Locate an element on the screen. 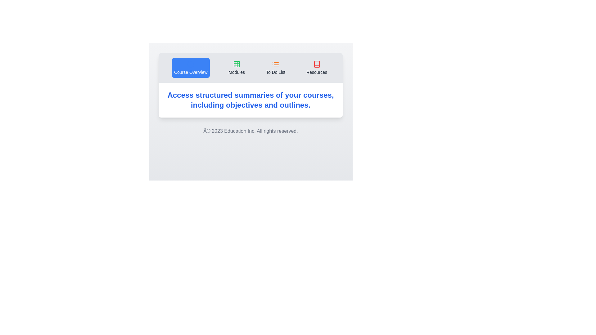 The width and height of the screenshot is (596, 335). the tab button labeled Modules to preview its hover effect is located at coordinates (236, 68).